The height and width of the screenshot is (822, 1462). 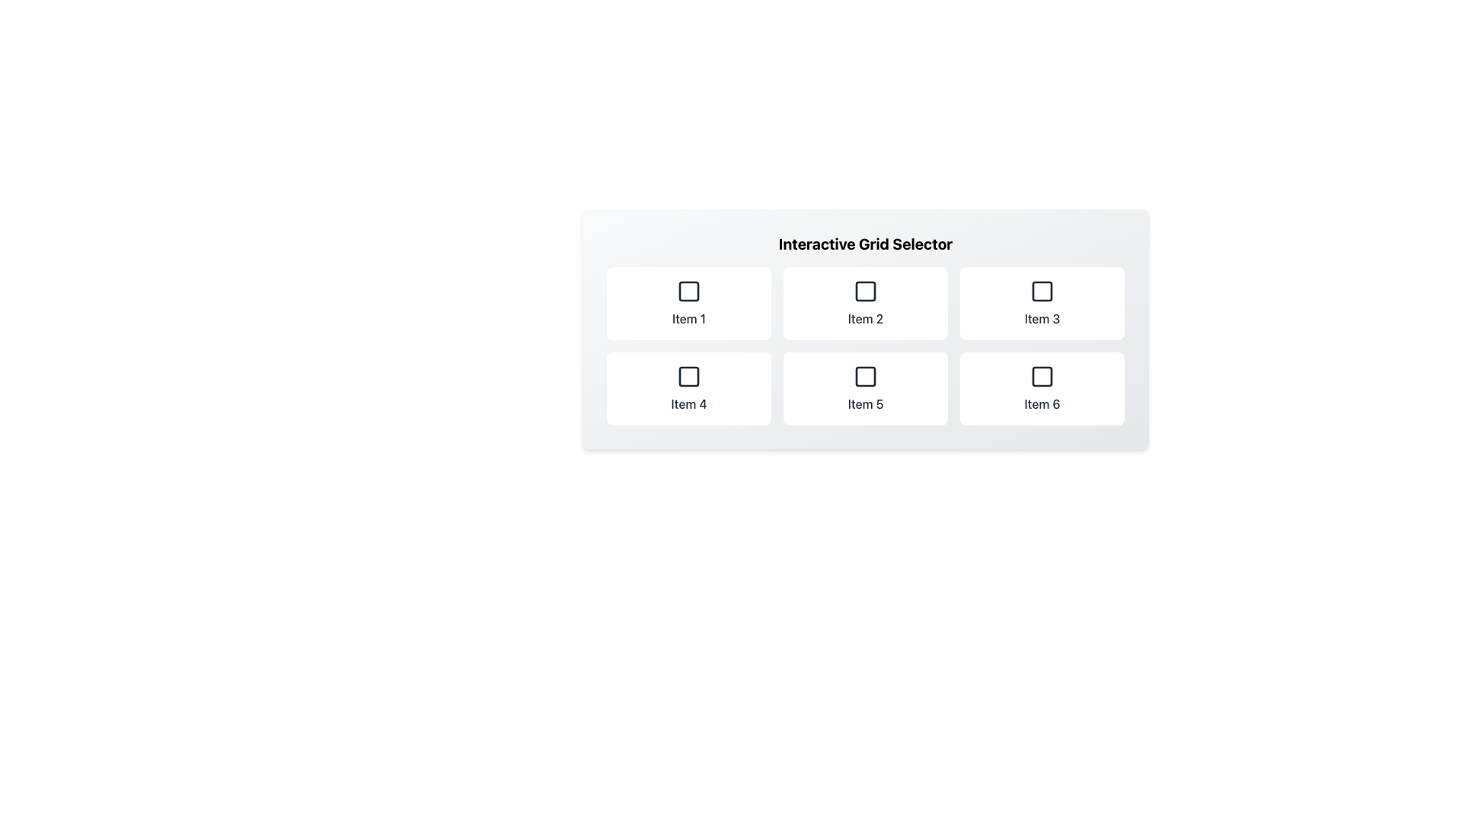 What do you see at coordinates (1041, 376) in the screenshot?
I see `the checkbox icon located in the grid cell labeled 'Item 6', which is a square outline icon with a clean design` at bounding box center [1041, 376].